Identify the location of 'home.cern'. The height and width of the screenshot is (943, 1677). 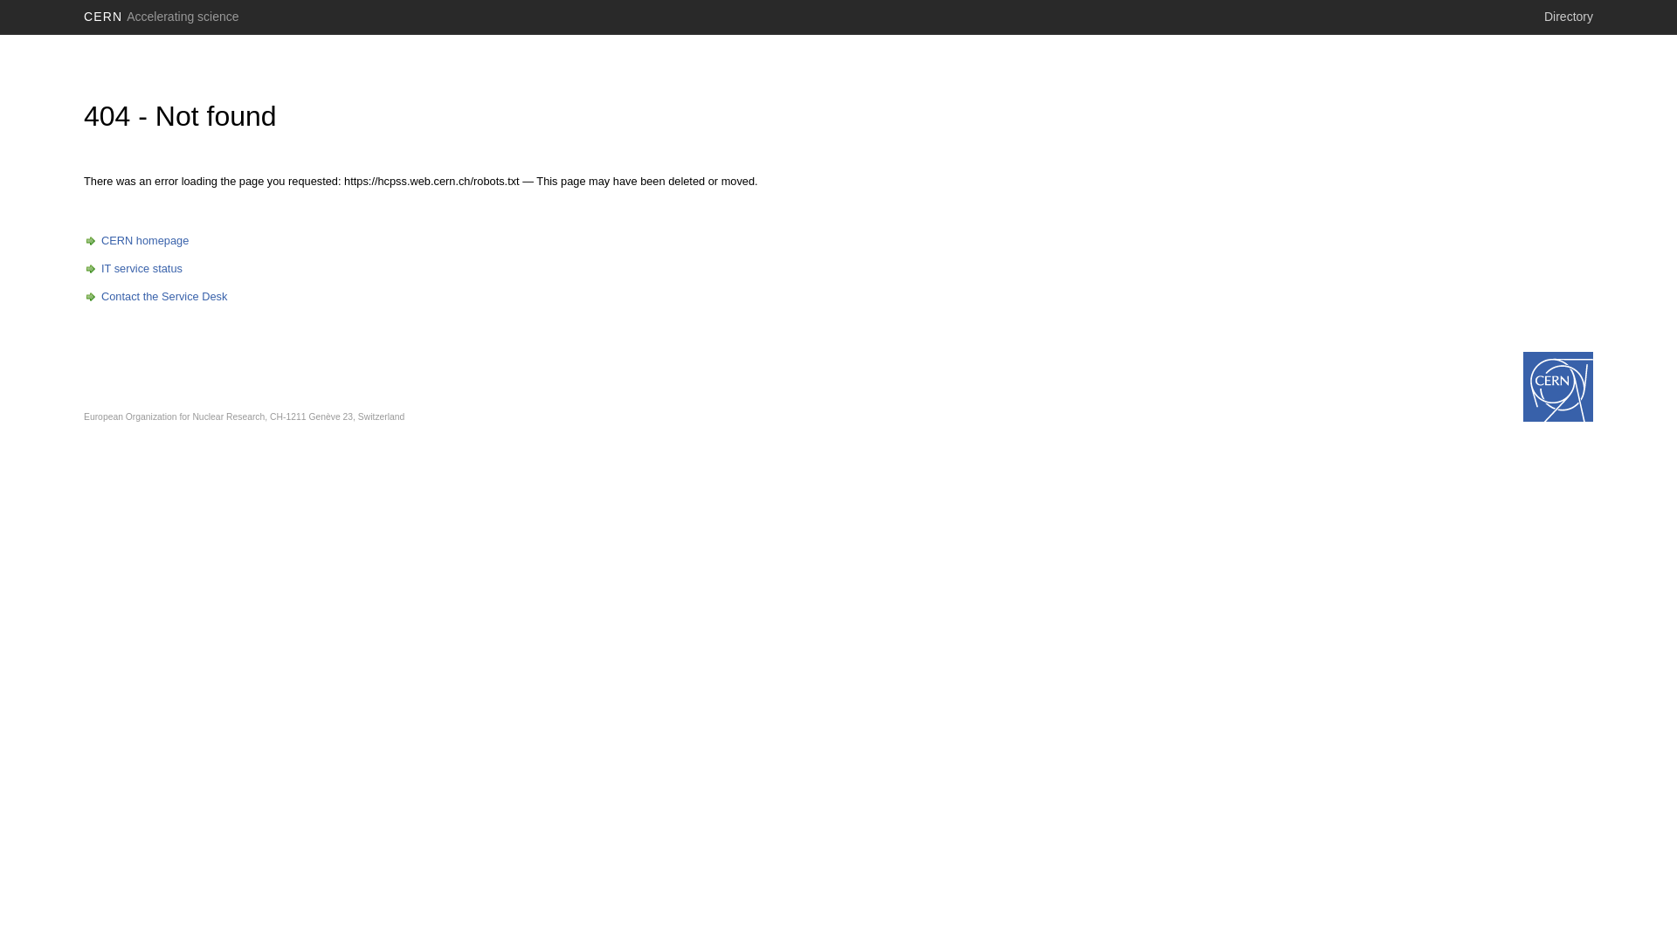
(1558, 386).